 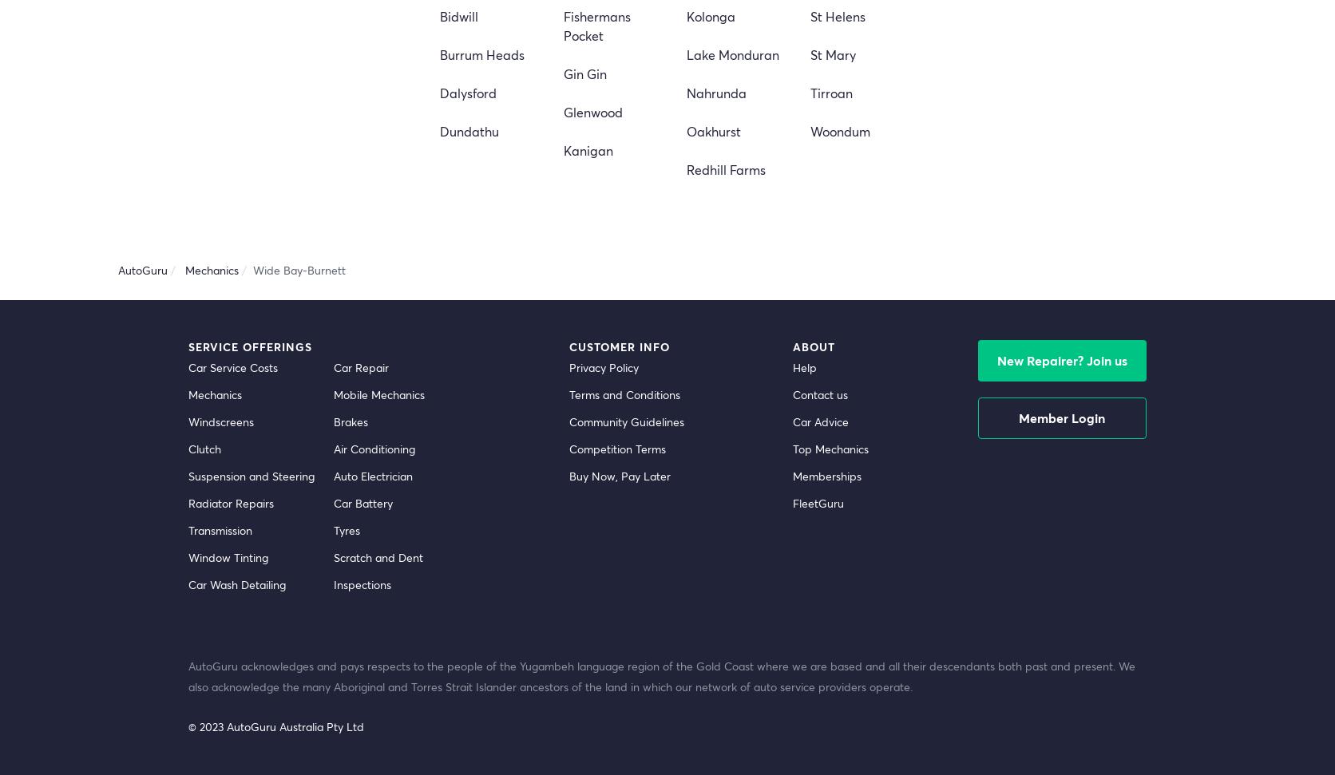 What do you see at coordinates (188, 448) in the screenshot?
I see `'Clutch'` at bounding box center [188, 448].